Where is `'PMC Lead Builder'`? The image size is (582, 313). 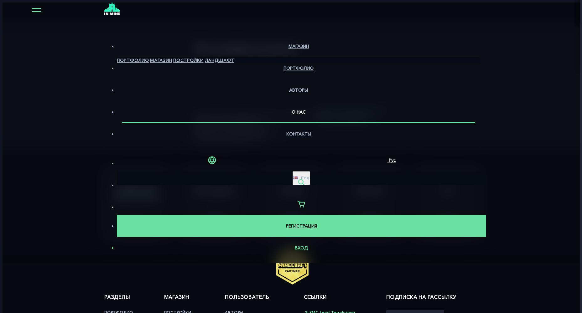 'PMC Lead Builder' is located at coordinates (344, 119).